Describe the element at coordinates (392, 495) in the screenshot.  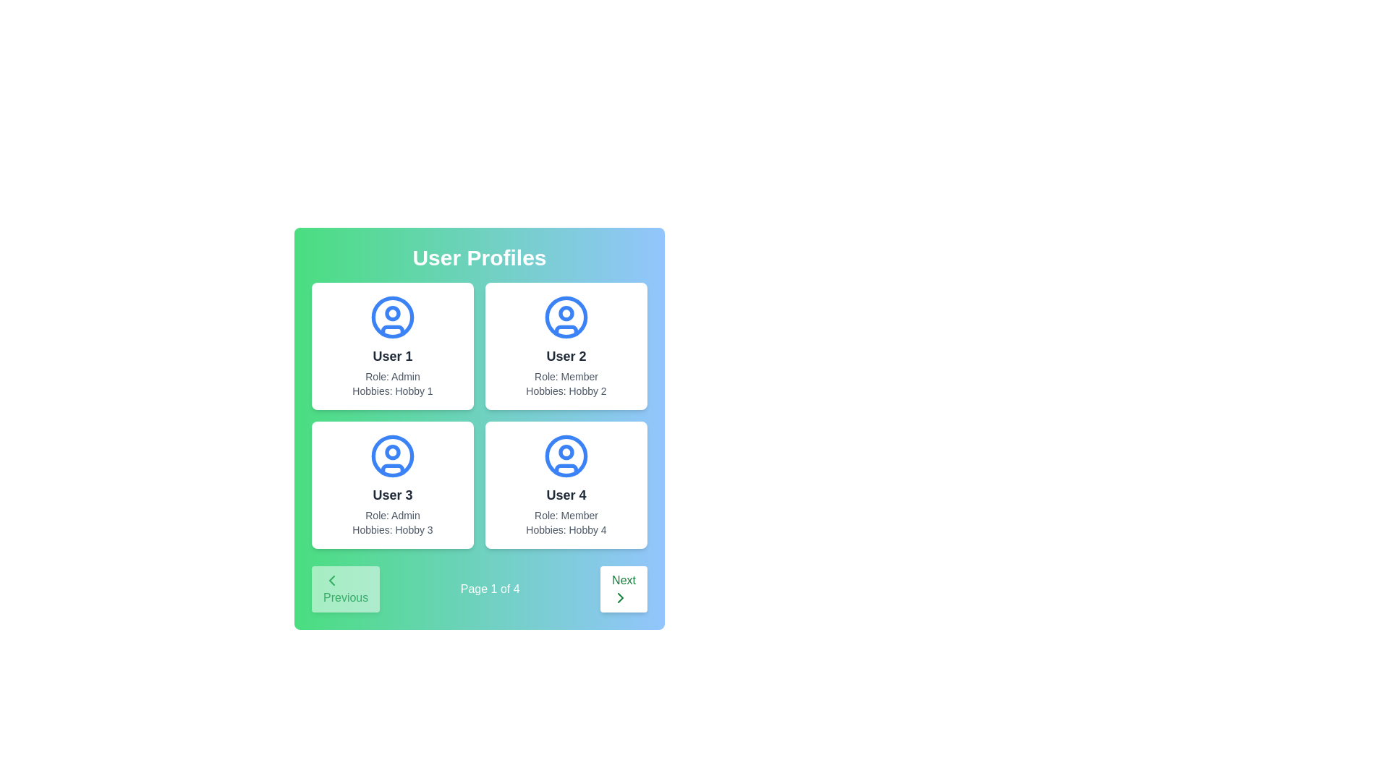
I see `text 'User 3' displayed in bold font as the primary heading within the third user profile card, located at the bottom-left corner of the grid of user profiles` at that location.